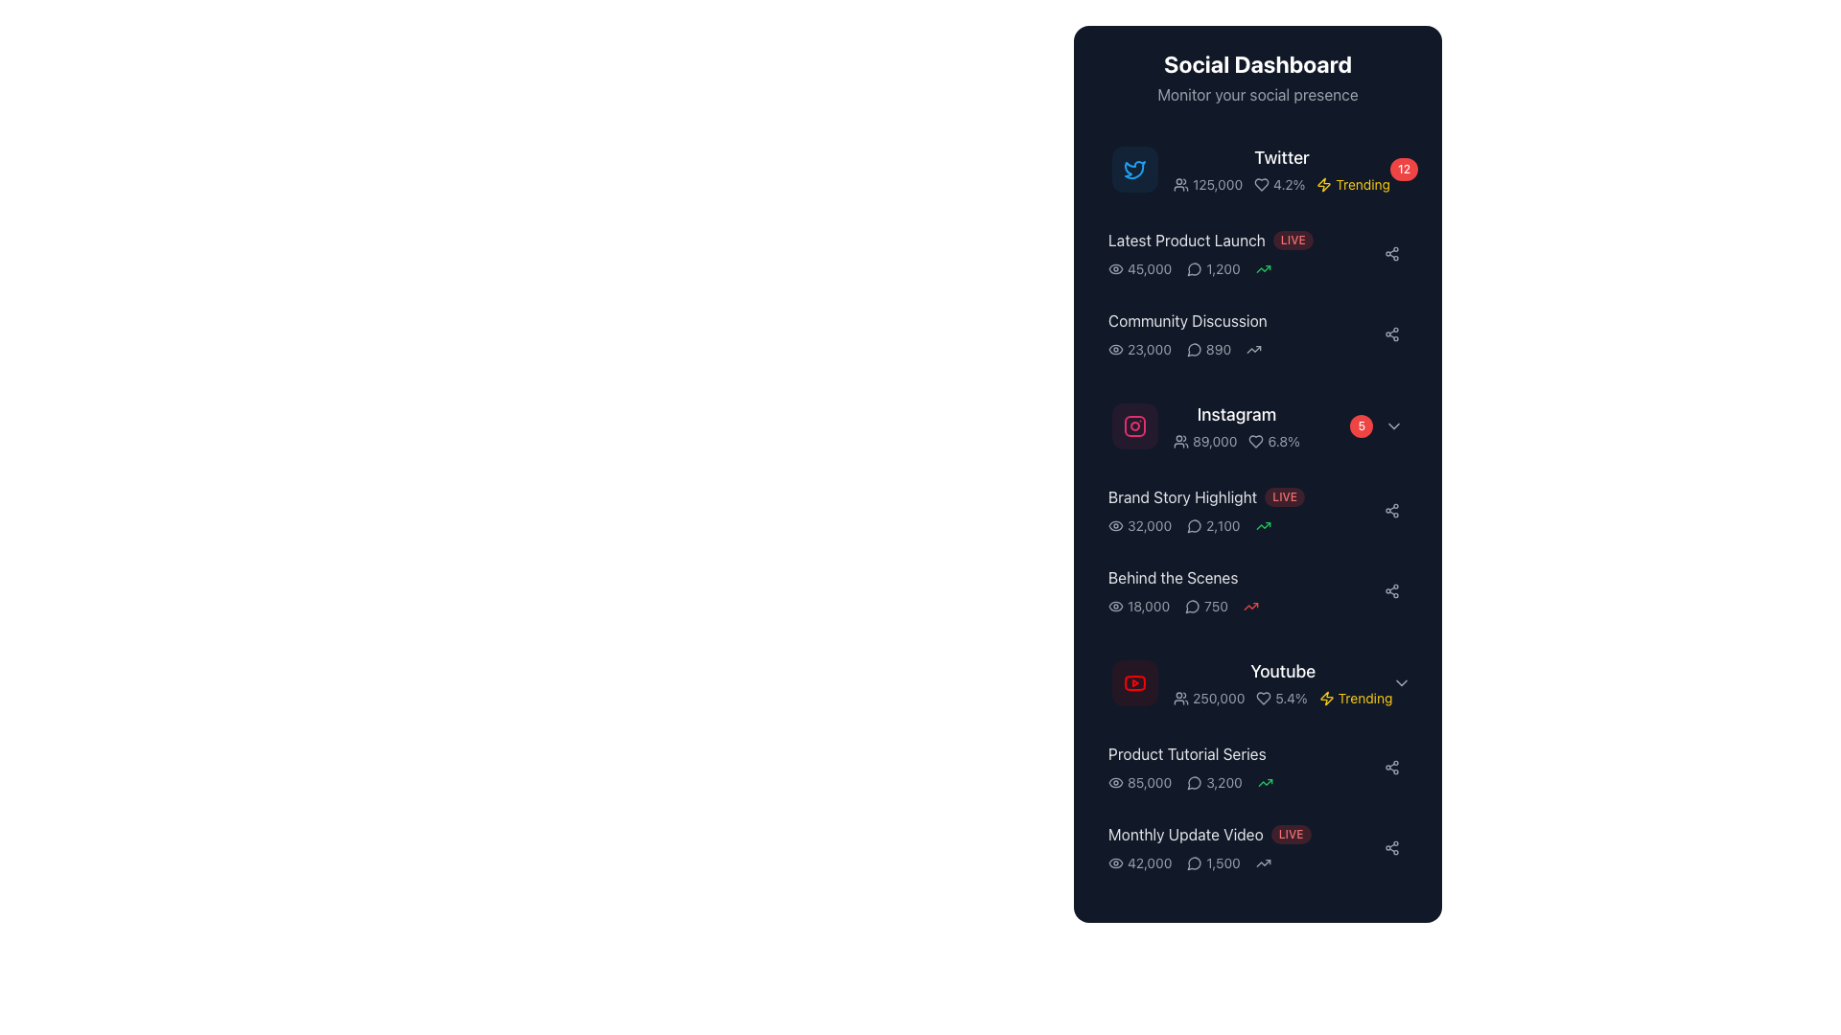 The image size is (1841, 1035). What do you see at coordinates (1194, 525) in the screenshot?
I see `the comment icon located to the left of the numeric text '2,100' in the 'Brand Story Highlight' section to interact with the related comments or details` at bounding box center [1194, 525].